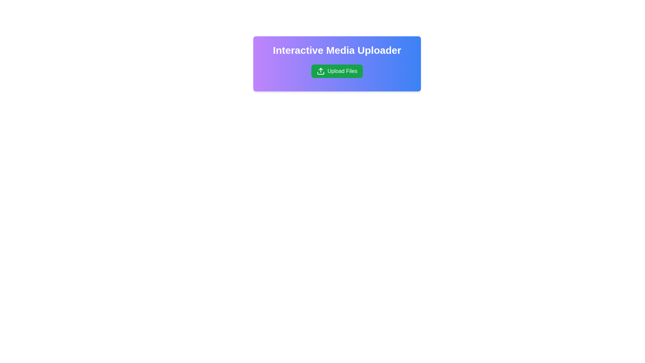 This screenshot has width=645, height=363. Describe the element at coordinates (337, 71) in the screenshot. I see `the file selection button located in the 'Interactive Media Uploader' section` at that location.